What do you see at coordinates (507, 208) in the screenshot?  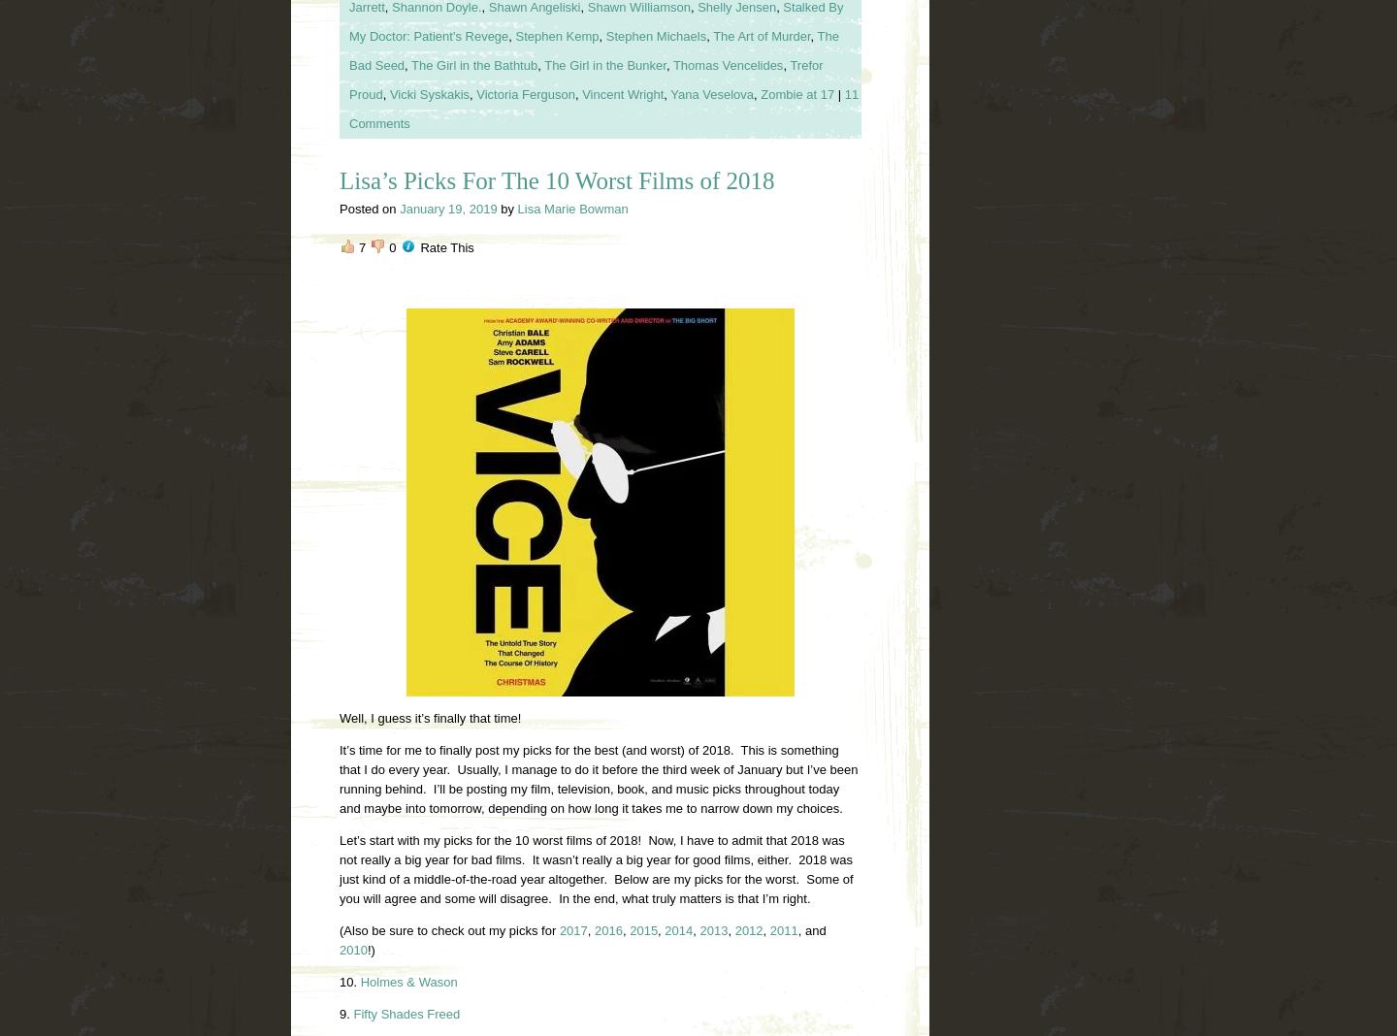 I see `'by'` at bounding box center [507, 208].